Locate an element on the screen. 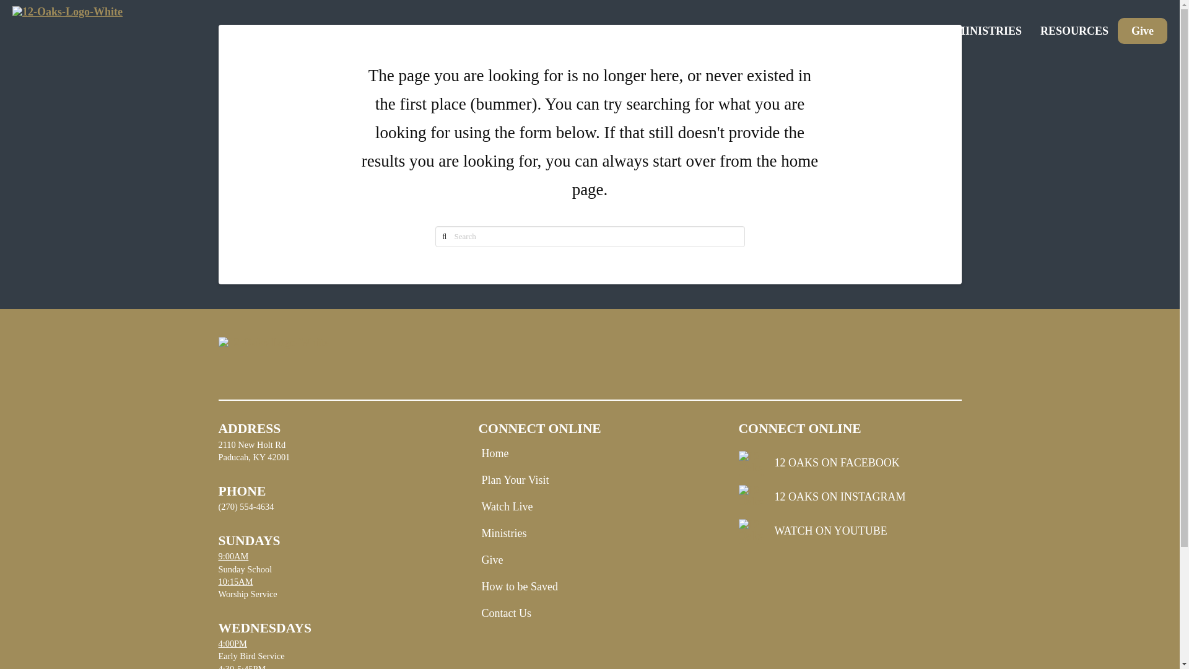 Image resolution: width=1189 pixels, height=669 pixels. 'MINISTRIES' is located at coordinates (988, 30).